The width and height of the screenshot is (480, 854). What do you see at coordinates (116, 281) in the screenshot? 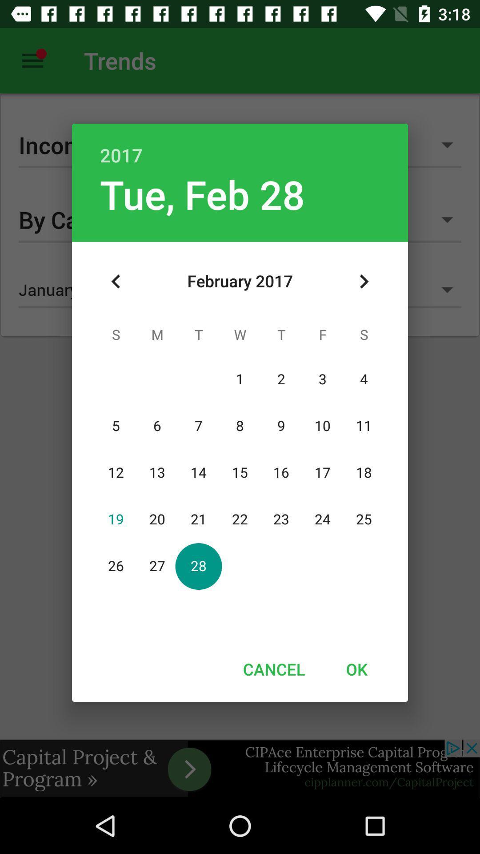
I see `icon at the top left corner` at bounding box center [116, 281].